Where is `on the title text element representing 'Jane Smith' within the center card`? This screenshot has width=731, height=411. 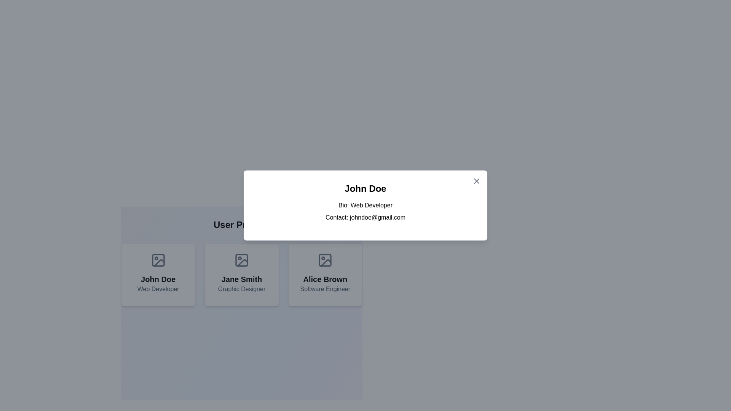 on the title text element representing 'Jane Smith' within the center card is located at coordinates (241, 279).